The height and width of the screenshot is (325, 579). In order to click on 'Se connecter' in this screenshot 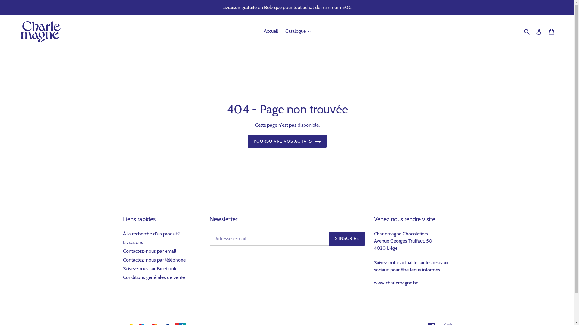, I will do `click(539, 31)`.